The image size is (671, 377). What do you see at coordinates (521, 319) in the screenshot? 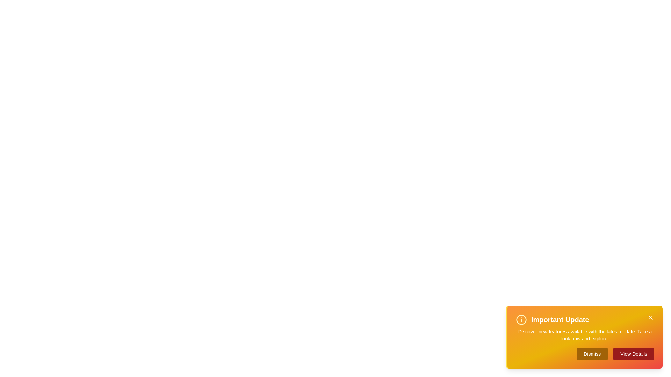
I see `the information icon to reveal its tooltip` at bounding box center [521, 319].